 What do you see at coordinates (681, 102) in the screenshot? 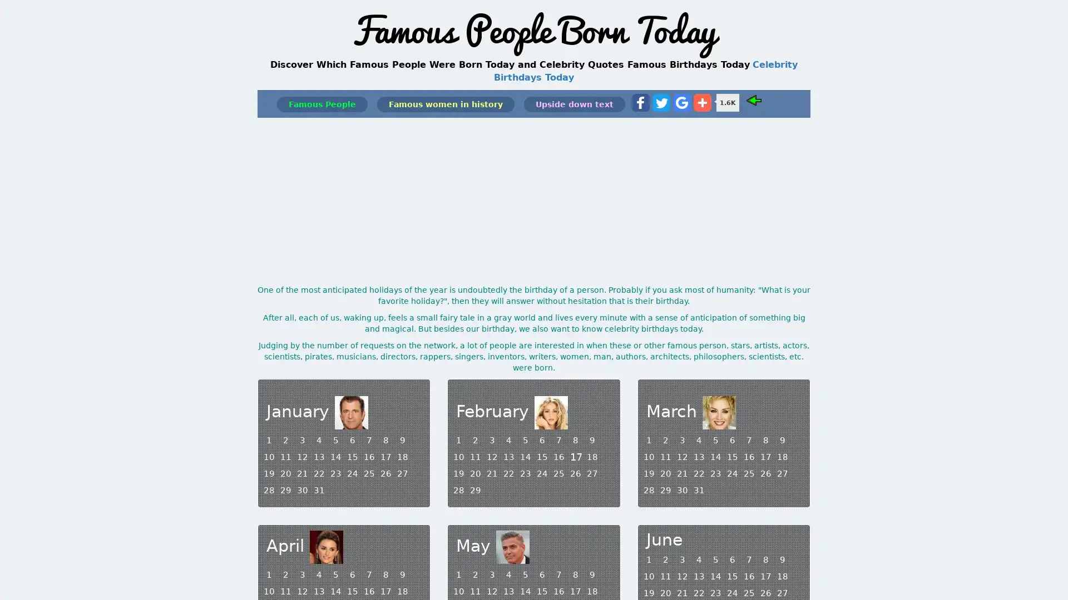
I see `Share to Google Bookmark` at bounding box center [681, 102].